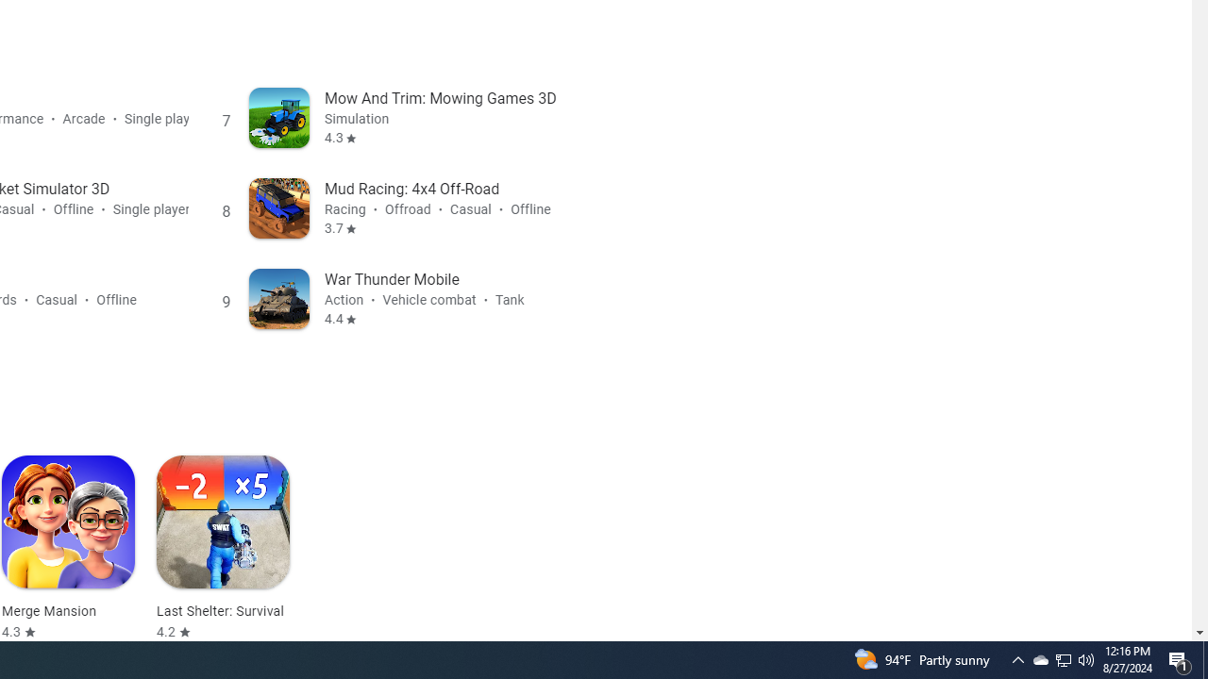 The height and width of the screenshot is (679, 1208). Describe the element at coordinates (68, 548) in the screenshot. I see `'Merge Mansion Rated 4.3 stars out of five stars'` at that location.